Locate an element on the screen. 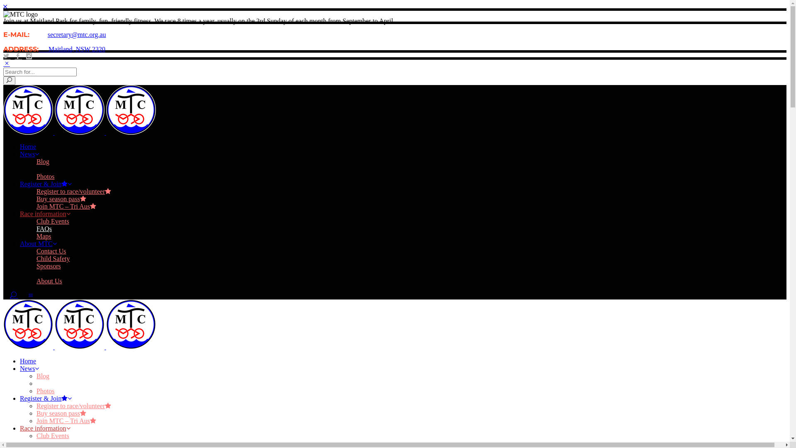 This screenshot has width=796, height=448. 'Sponsors' is located at coordinates (48, 266).